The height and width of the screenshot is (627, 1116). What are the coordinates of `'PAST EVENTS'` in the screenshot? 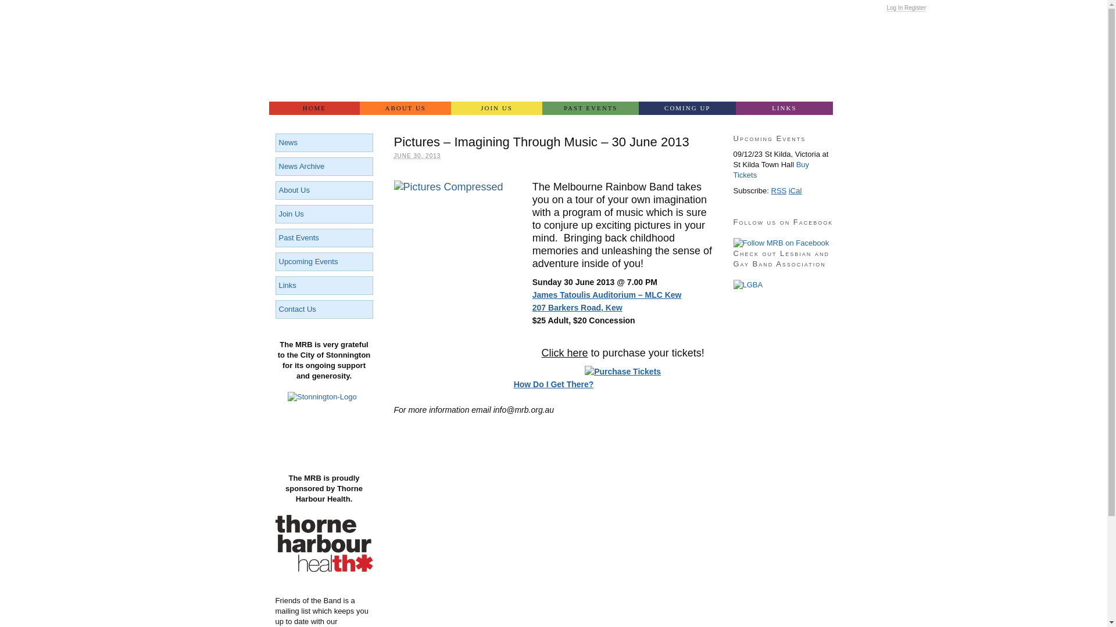 It's located at (591, 108).